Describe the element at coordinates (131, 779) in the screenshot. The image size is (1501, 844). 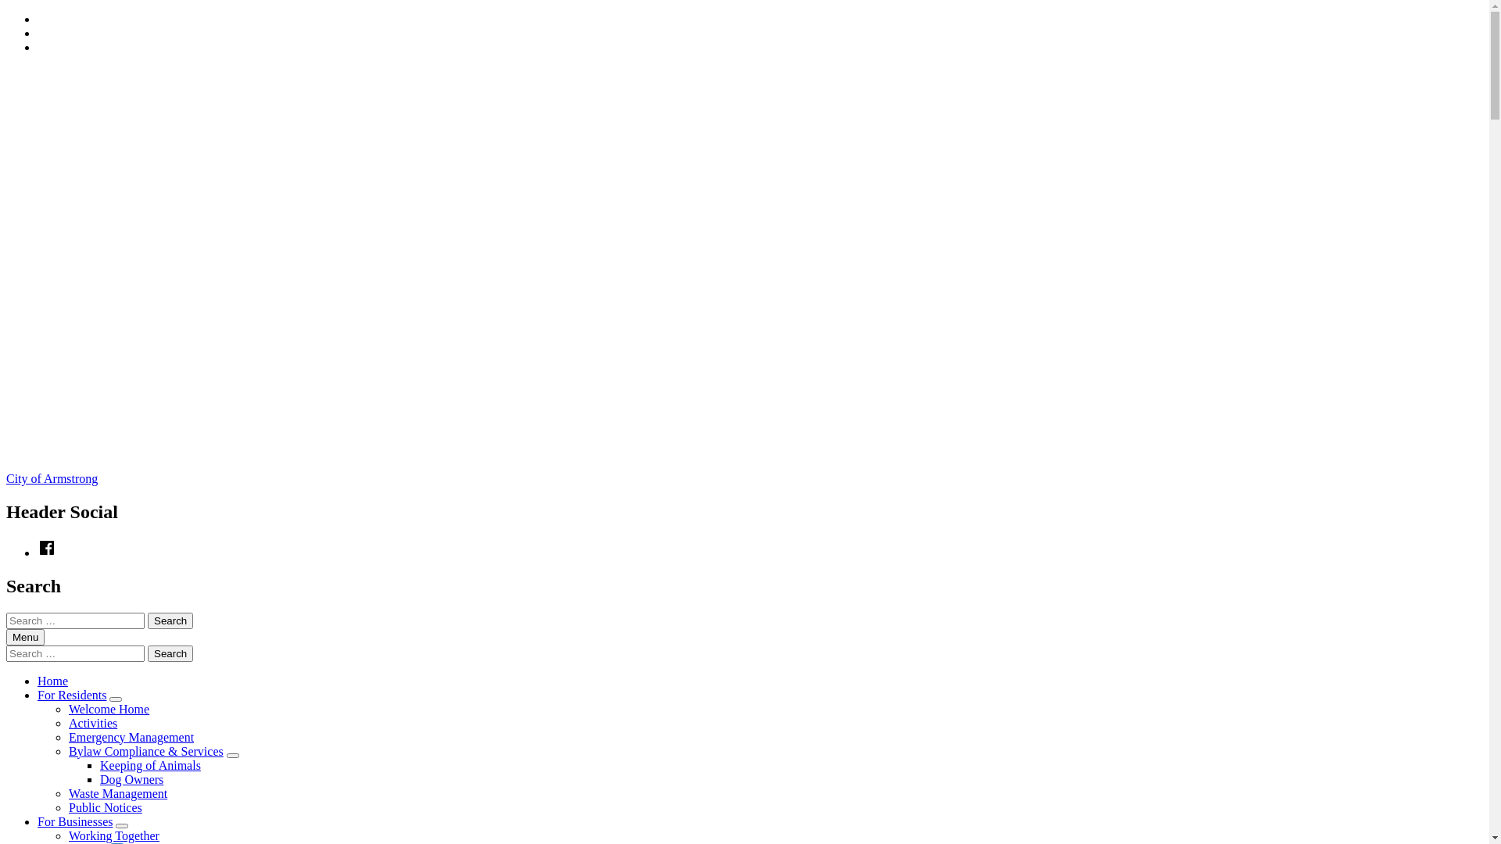
I see `'Dog Owners'` at that location.